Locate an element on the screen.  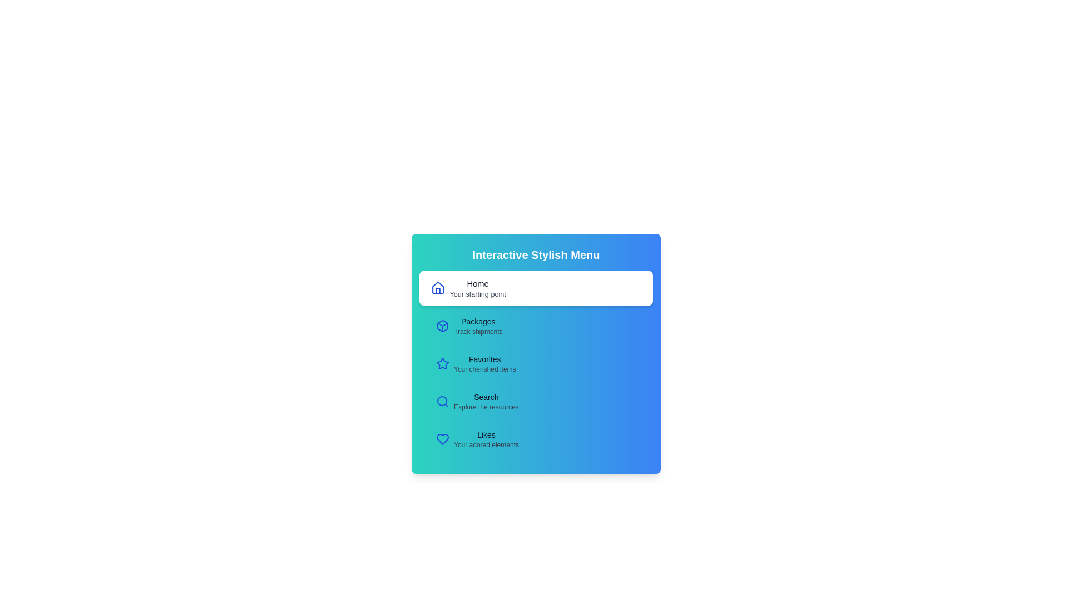
the menu item Search is located at coordinates (536, 401).